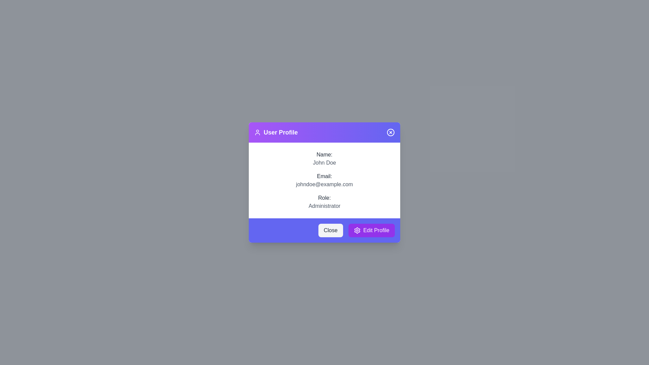  What do you see at coordinates (357, 230) in the screenshot?
I see `the settings icon located to the left of the 'Edit Profile' button` at bounding box center [357, 230].